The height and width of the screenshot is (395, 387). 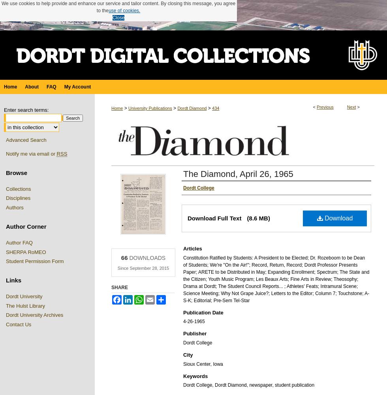 I want to click on '434', so click(x=215, y=108).